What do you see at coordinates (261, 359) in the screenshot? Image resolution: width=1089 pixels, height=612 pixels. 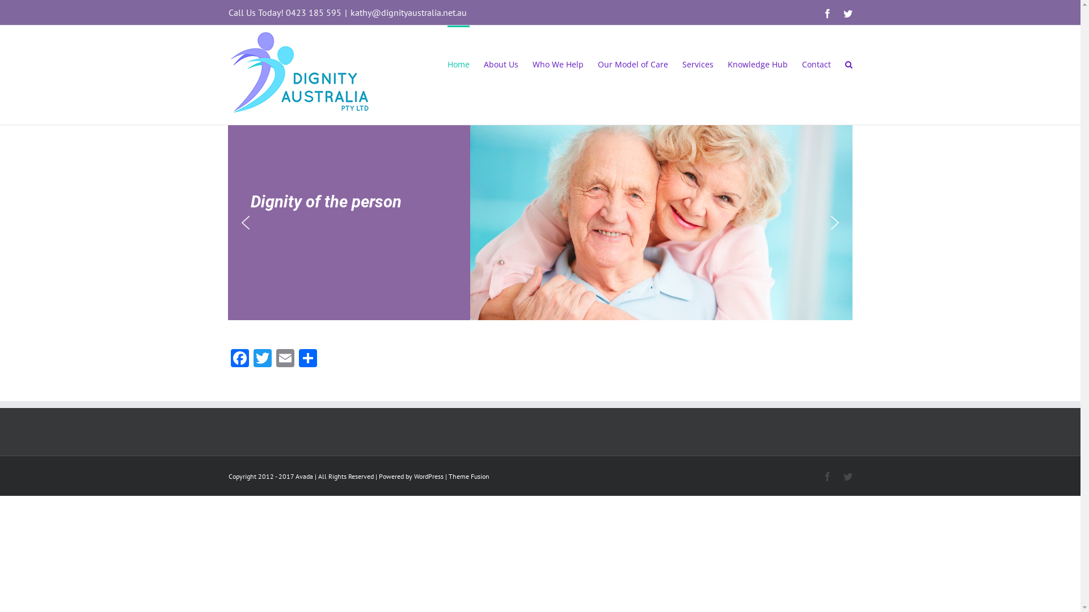 I see `'Twitter'` at bounding box center [261, 359].